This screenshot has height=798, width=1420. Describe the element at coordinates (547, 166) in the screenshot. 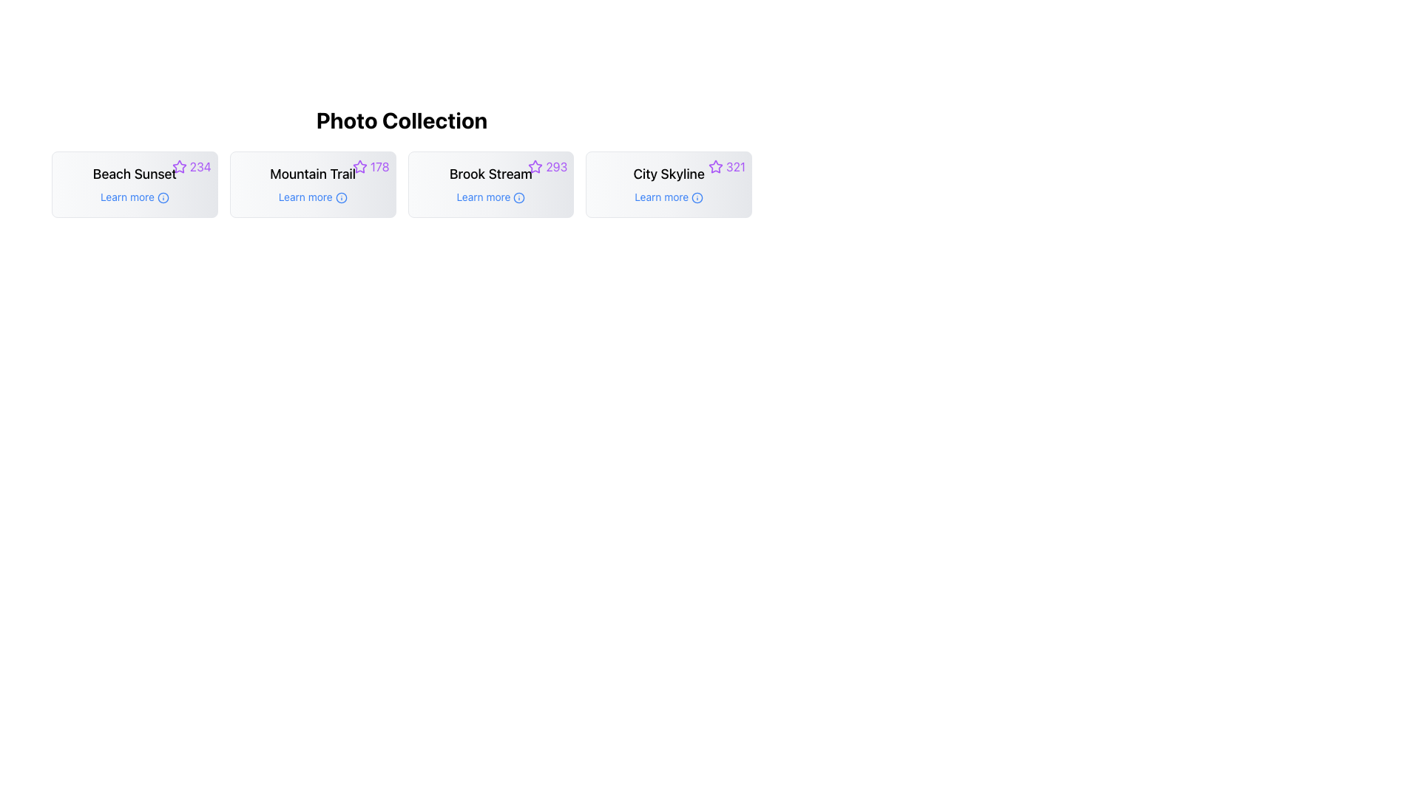

I see `the text label '293' to associate it with the star icon for rating interpretation` at that location.